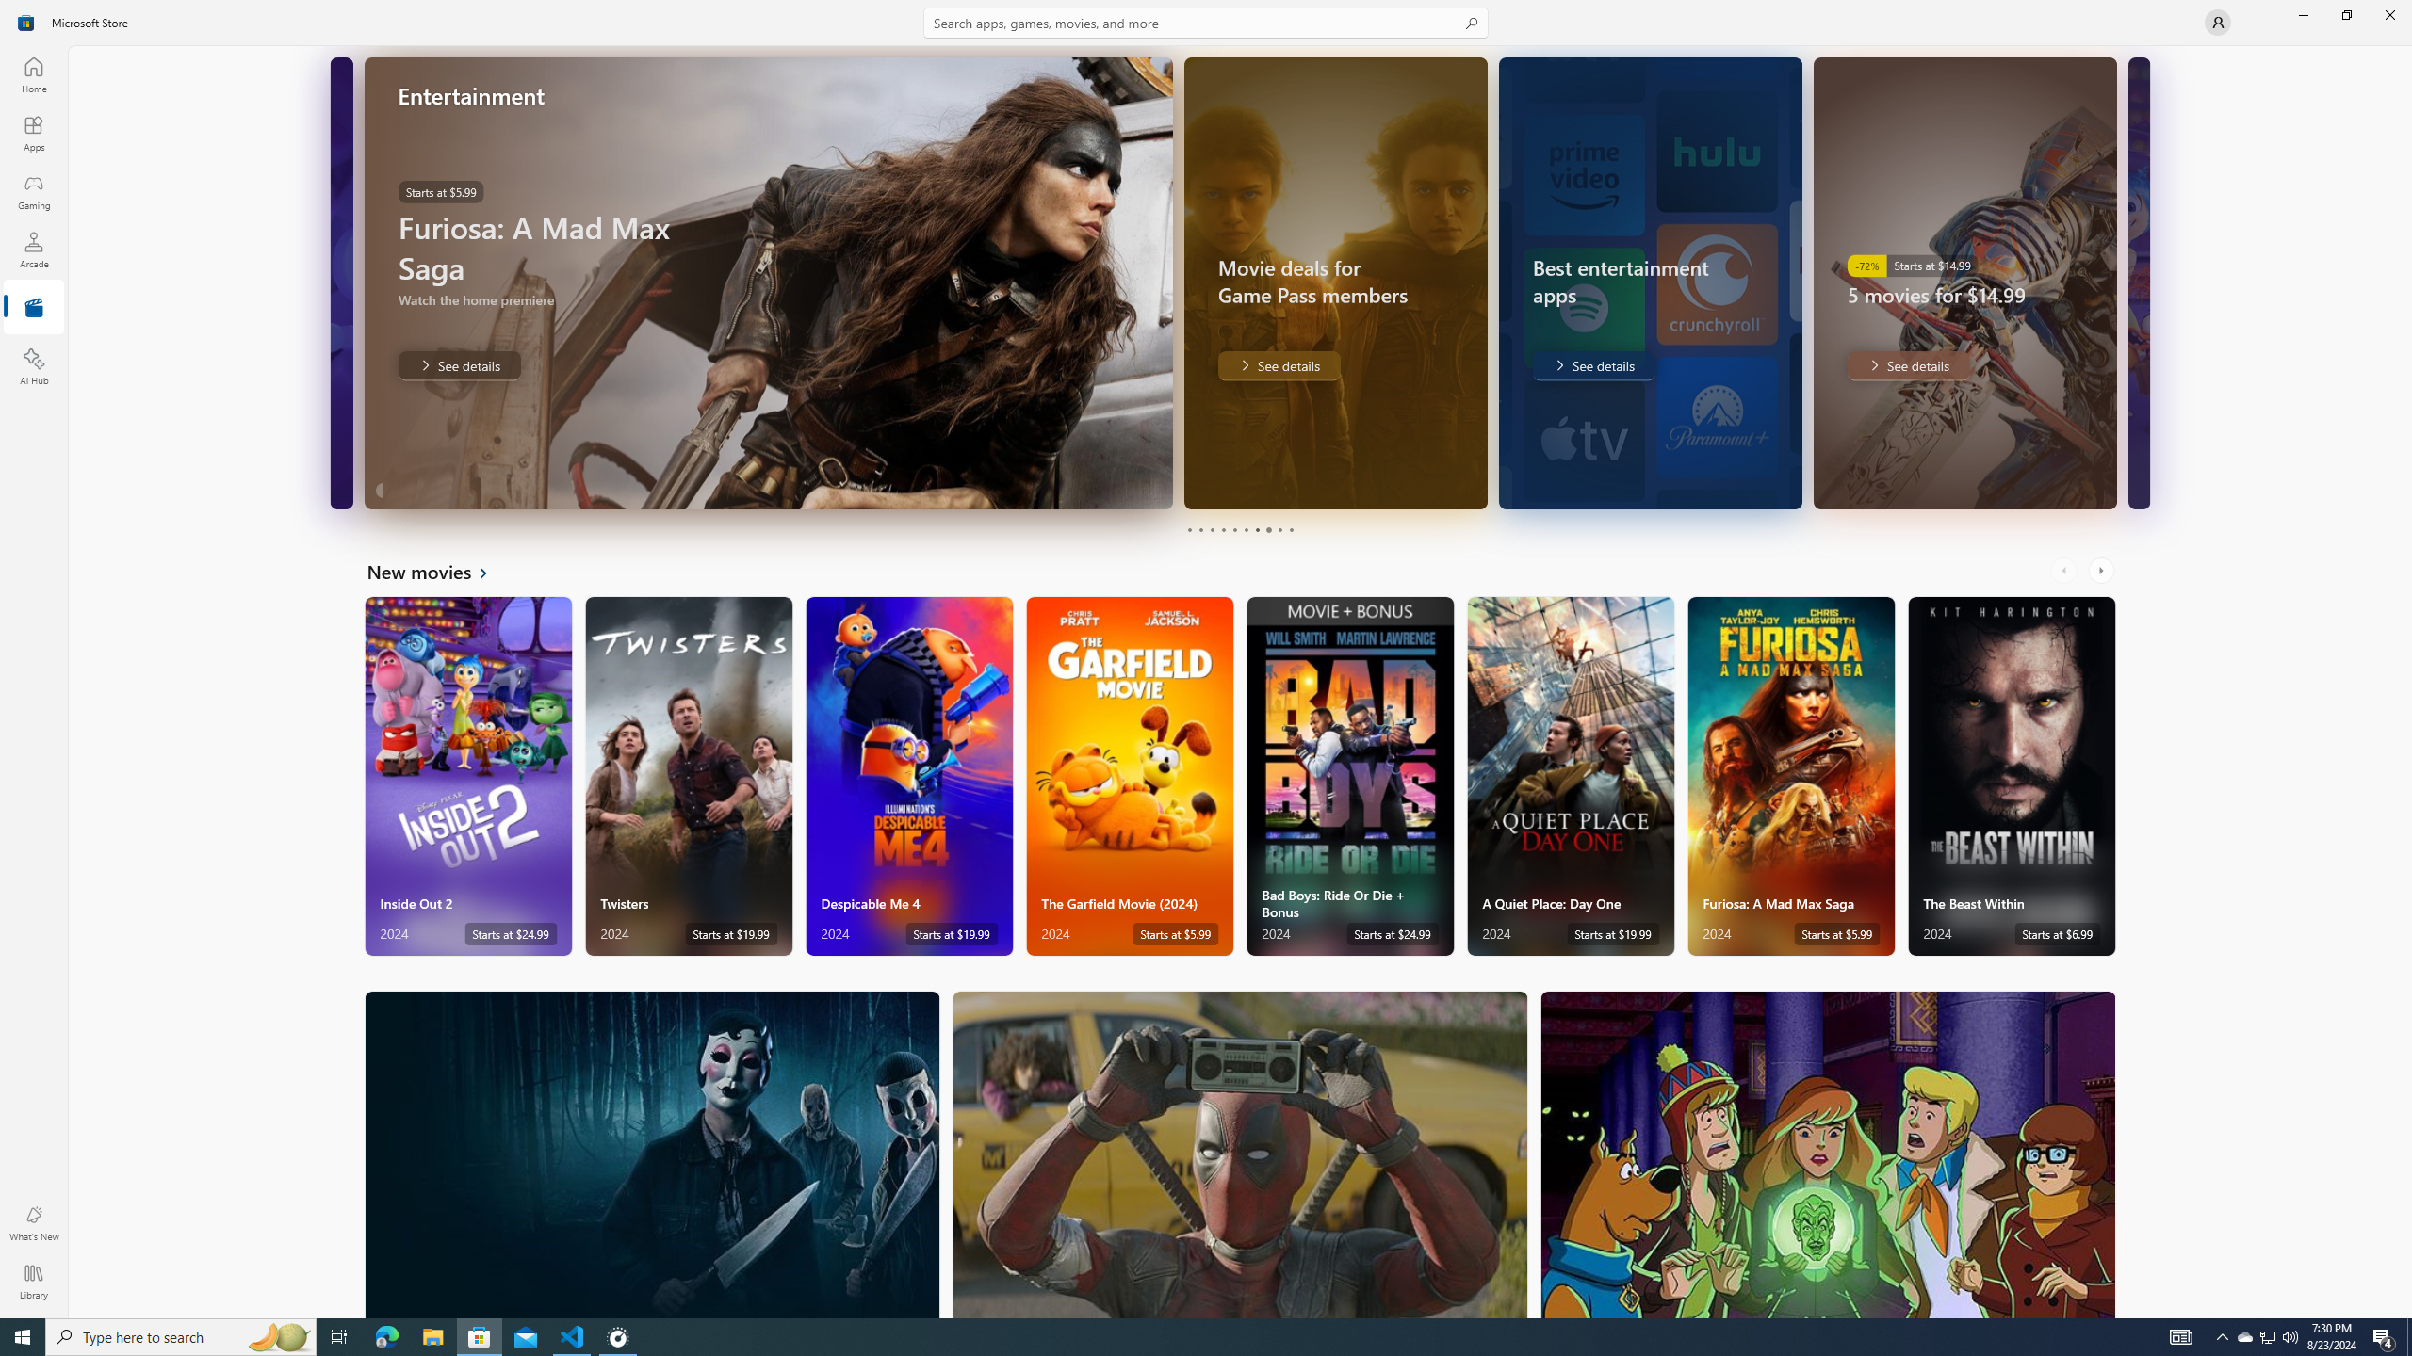 This screenshot has height=1356, width=2412. I want to click on 'Page 3', so click(1211, 529).